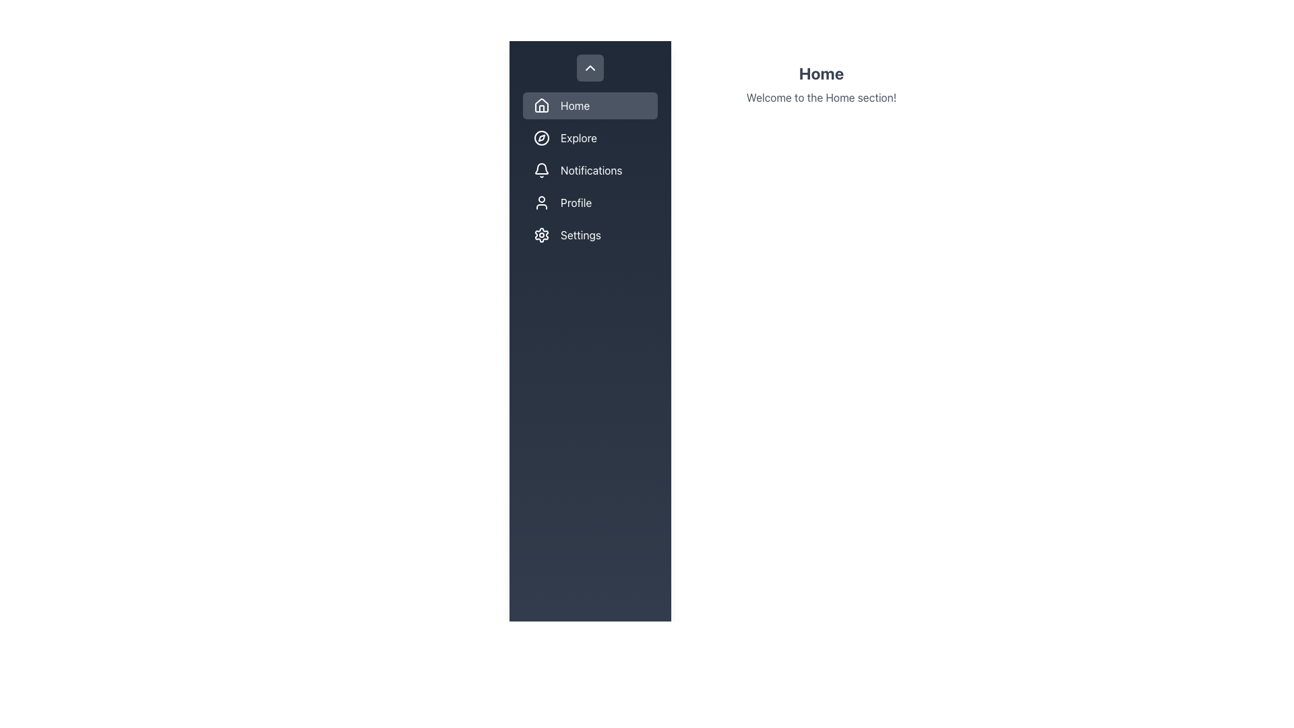  Describe the element at coordinates (821, 97) in the screenshot. I see `the text block displaying 'Welcome to the Home section!' located below the 'Home' heading` at that location.